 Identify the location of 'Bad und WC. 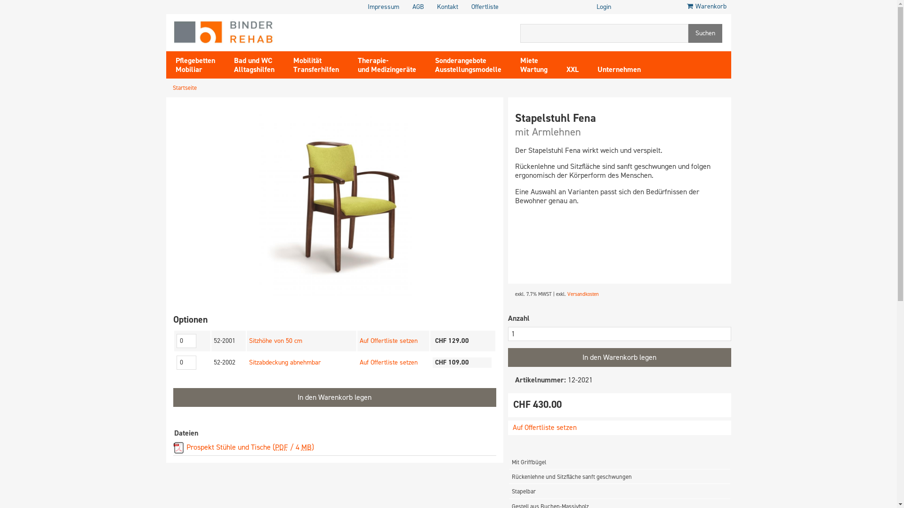
(253, 64).